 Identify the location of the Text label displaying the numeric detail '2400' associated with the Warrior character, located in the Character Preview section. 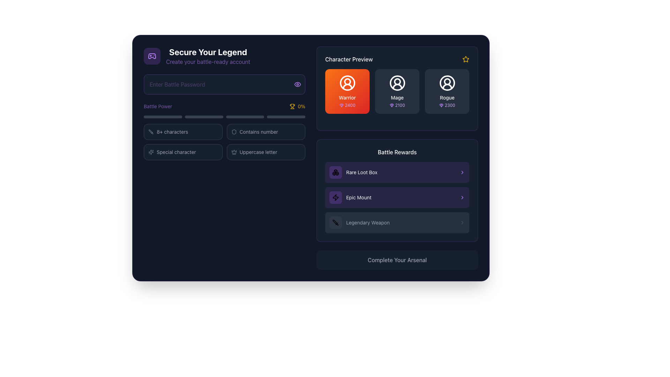
(350, 105).